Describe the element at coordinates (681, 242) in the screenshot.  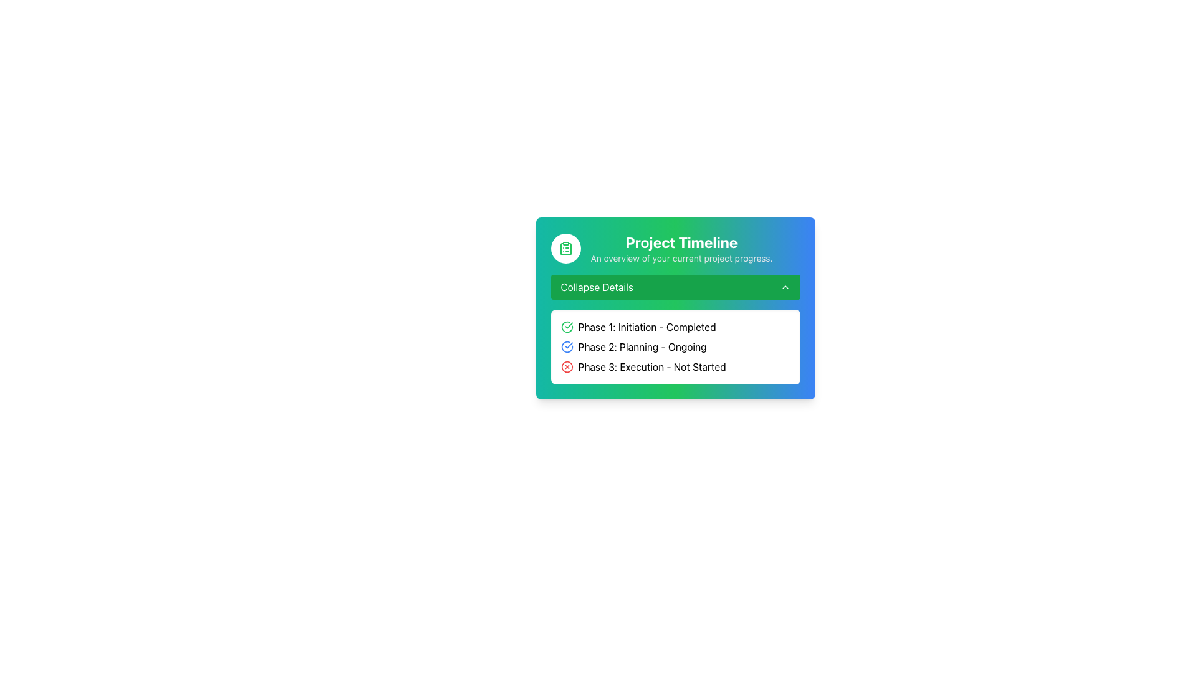
I see `title header indicating the section or topic of the content, which is 'Project Timeline.'` at that location.